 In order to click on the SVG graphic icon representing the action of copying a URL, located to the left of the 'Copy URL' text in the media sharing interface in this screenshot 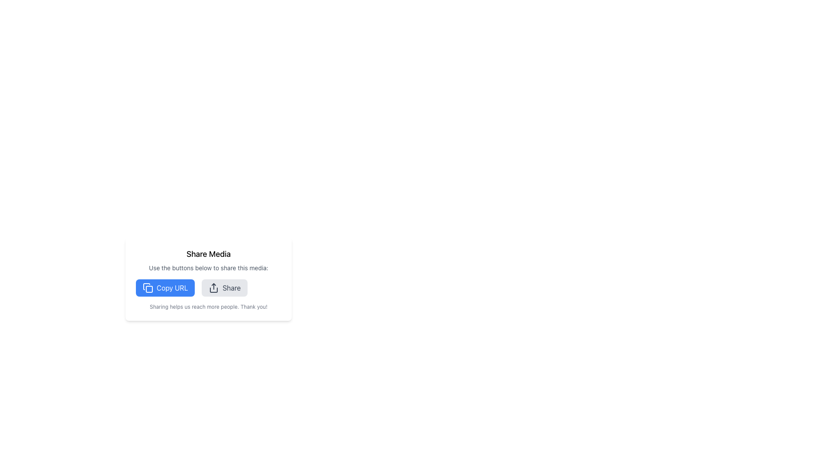, I will do `click(147, 287)`.